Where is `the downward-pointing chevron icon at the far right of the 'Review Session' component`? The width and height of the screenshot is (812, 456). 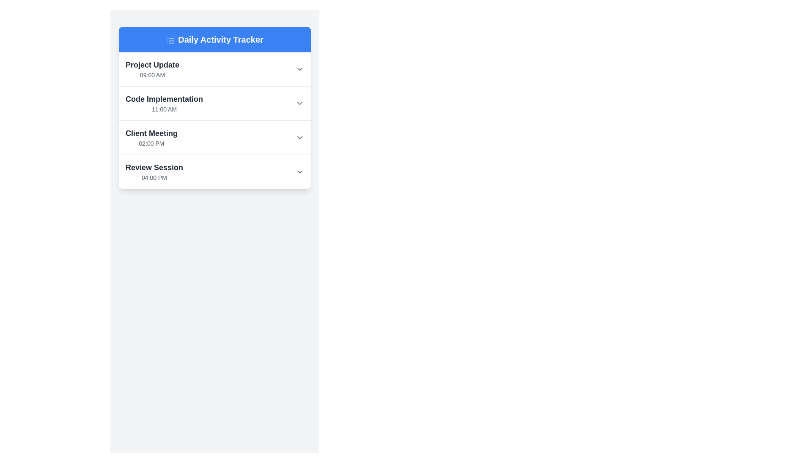 the downward-pointing chevron icon at the far right of the 'Review Session' component is located at coordinates (300, 171).